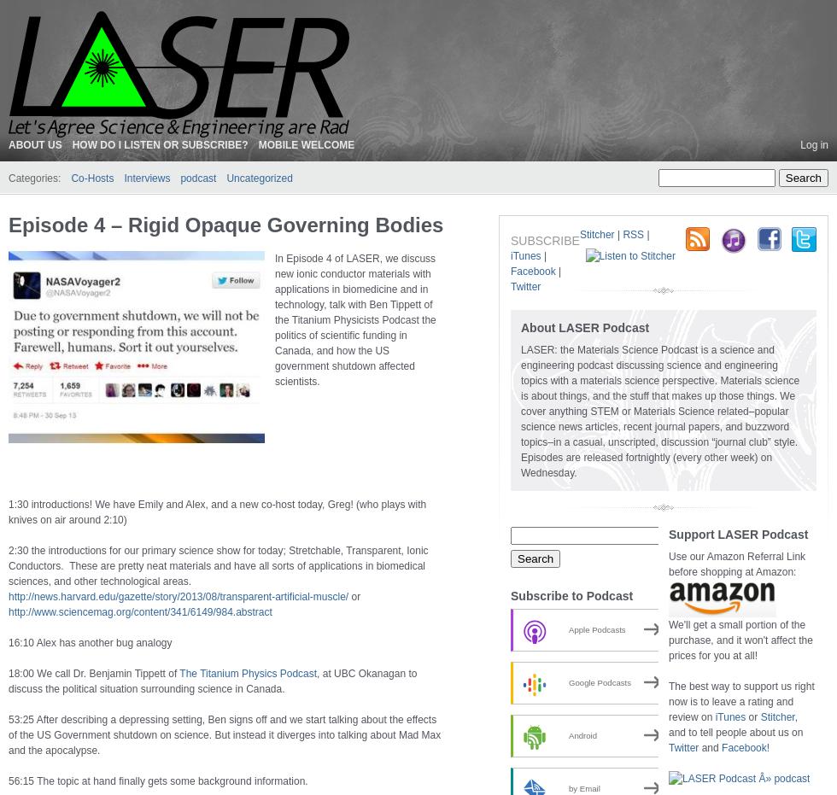 The image size is (837, 795). What do you see at coordinates (225, 734) in the screenshot?
I see `'53:25 After describing a depressing setting, Ben signs off and we start talking about the effects of the US Government shutdown on science. But instead it diverges into talking about Mad Max and the apocalypse.'` at bounding box center [225, 734].